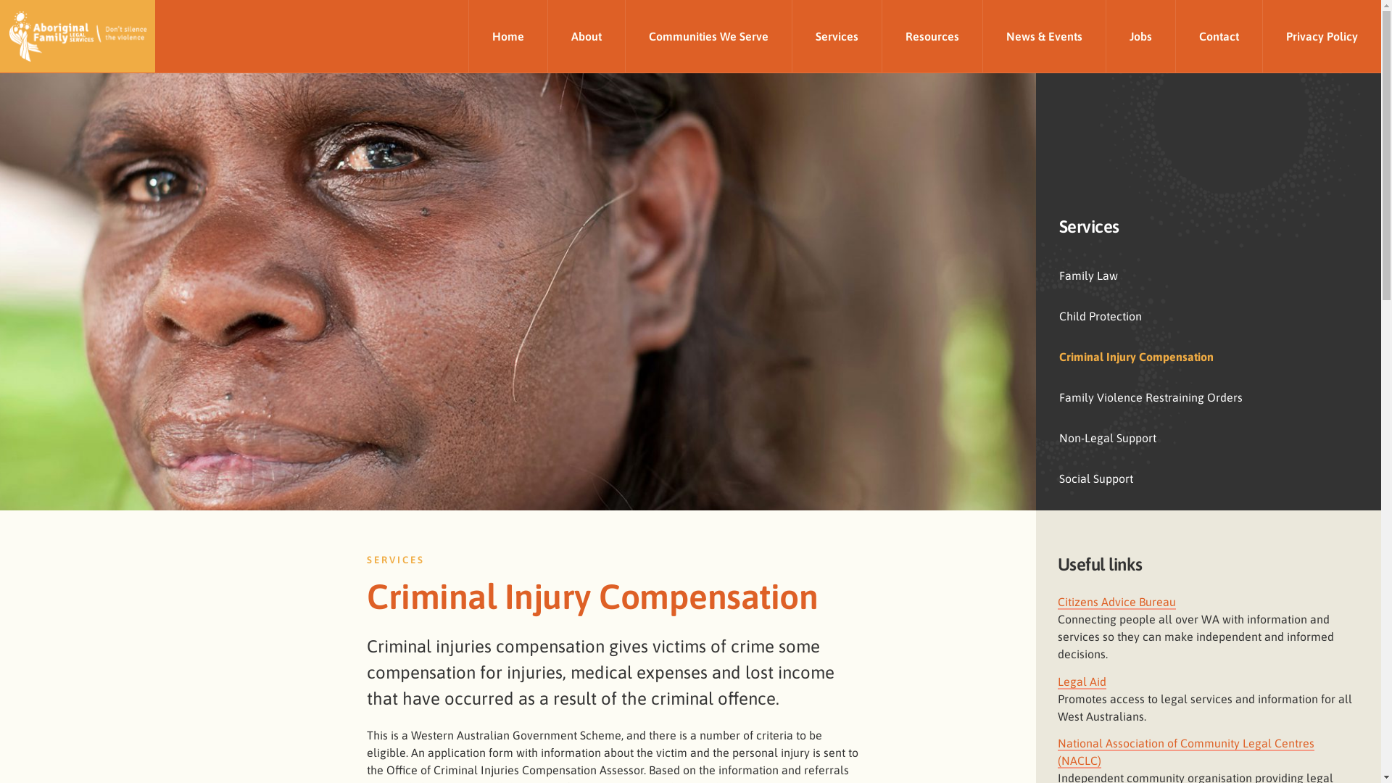 The height and width of the screenshot is (783, 1392). I want to click on 'Family Law', so click(1208, 275).